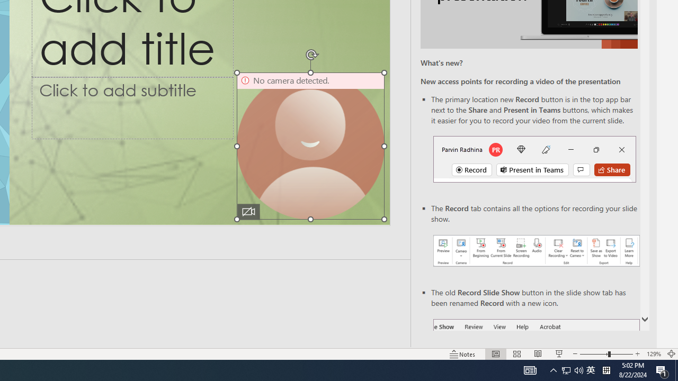  What do you see at coordinates (537, 251) in the screenshot?
I see `'Record your presentations screenshot one'` at bounding box center [537, 251].